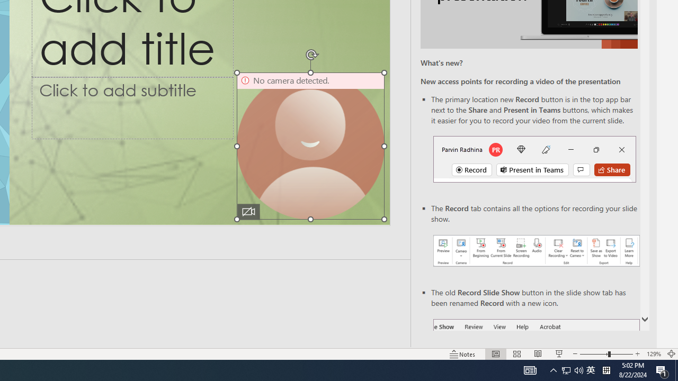  What do you see at coordinates (537, 251) in the screenshot?
I see `'Record your presentations screenshot one'` at bounding box center [537, 251].